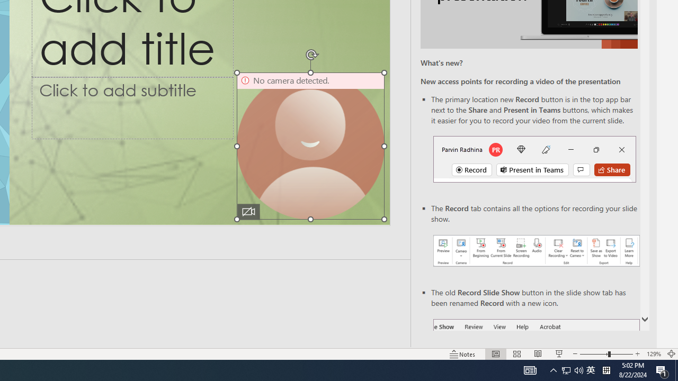  What do you see at coordinates (537, 251) in the screenshot?
I see `'Record your presentations screenshot one'` at bounding box center [537, 251].